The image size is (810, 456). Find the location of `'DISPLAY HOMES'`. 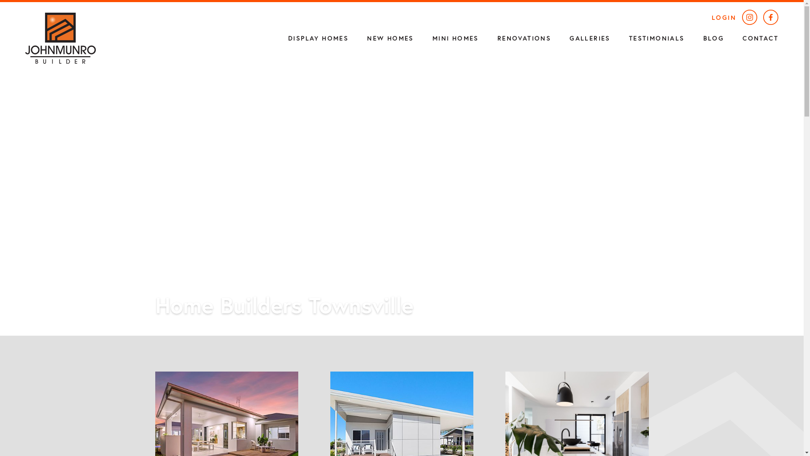

'DISPLAY HOMES' is located at coordinates (318, 37).